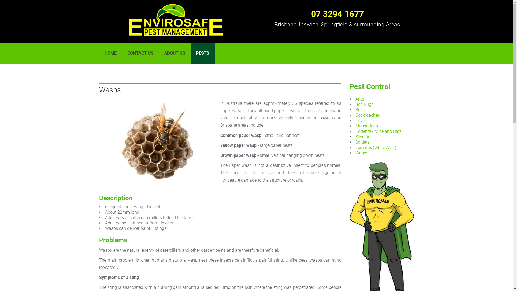 This screenshot has width=517, height=291. I want to click on 'ABOUT US', so click(174, 53).